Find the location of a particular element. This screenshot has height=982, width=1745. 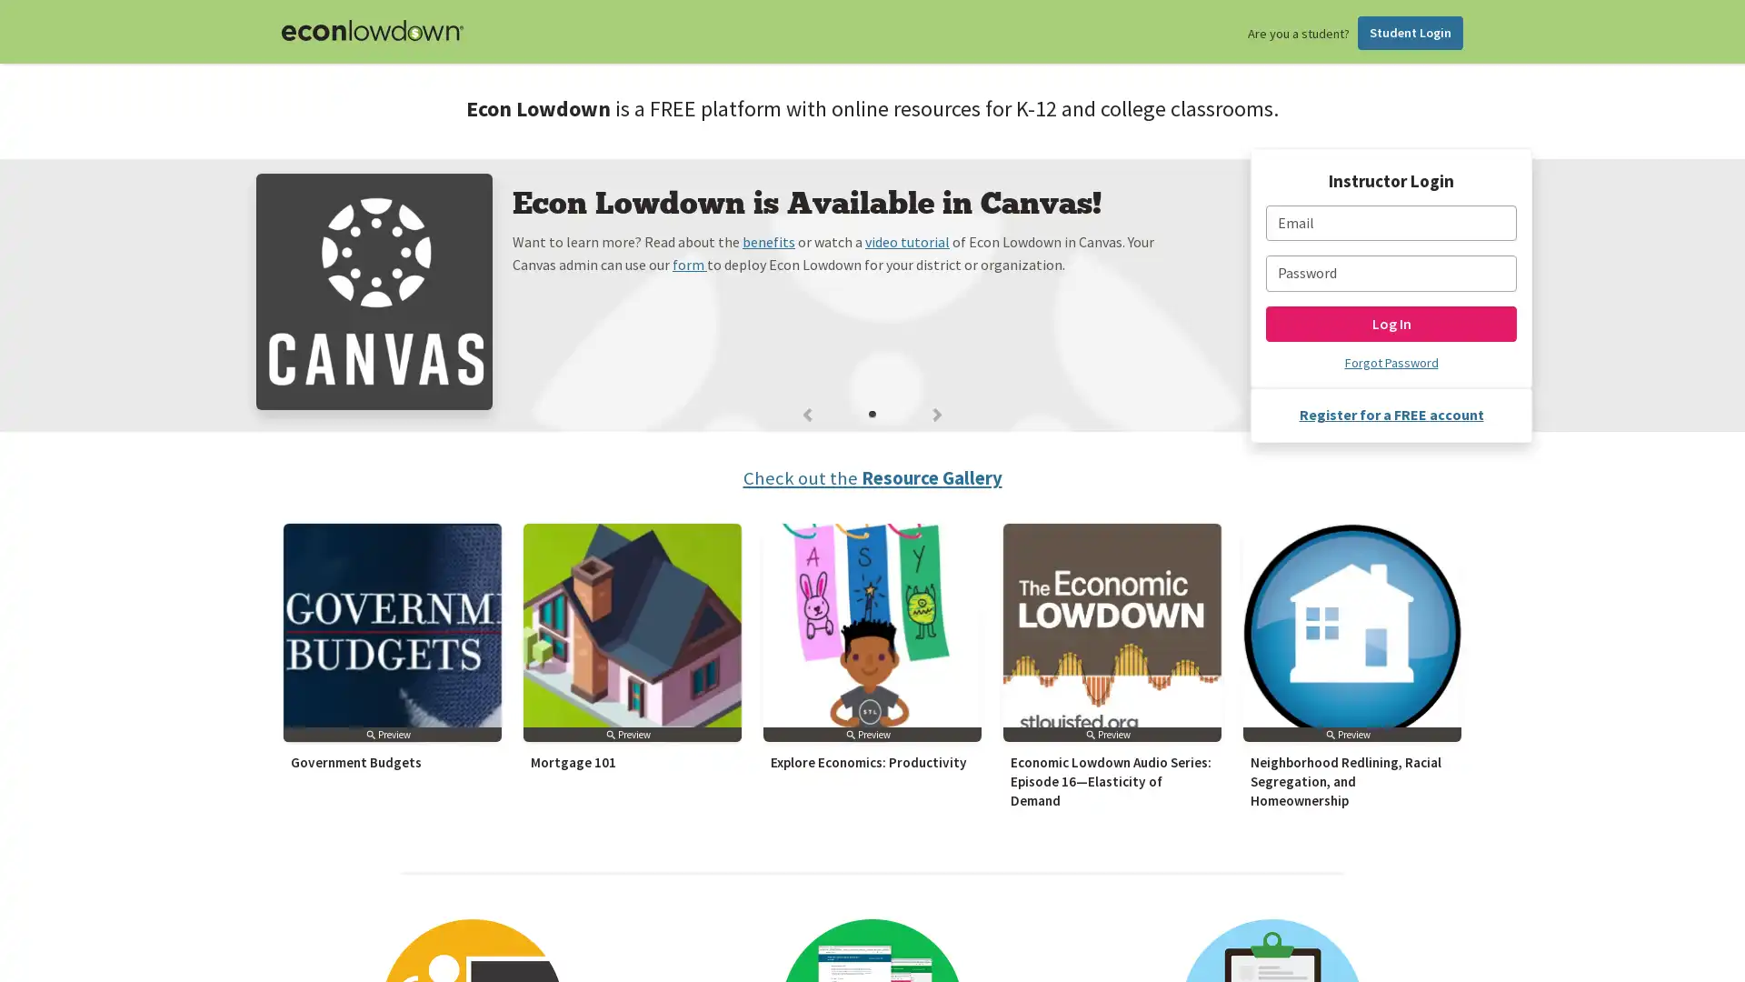

Subscribe is located at coordinates (1661, 928).